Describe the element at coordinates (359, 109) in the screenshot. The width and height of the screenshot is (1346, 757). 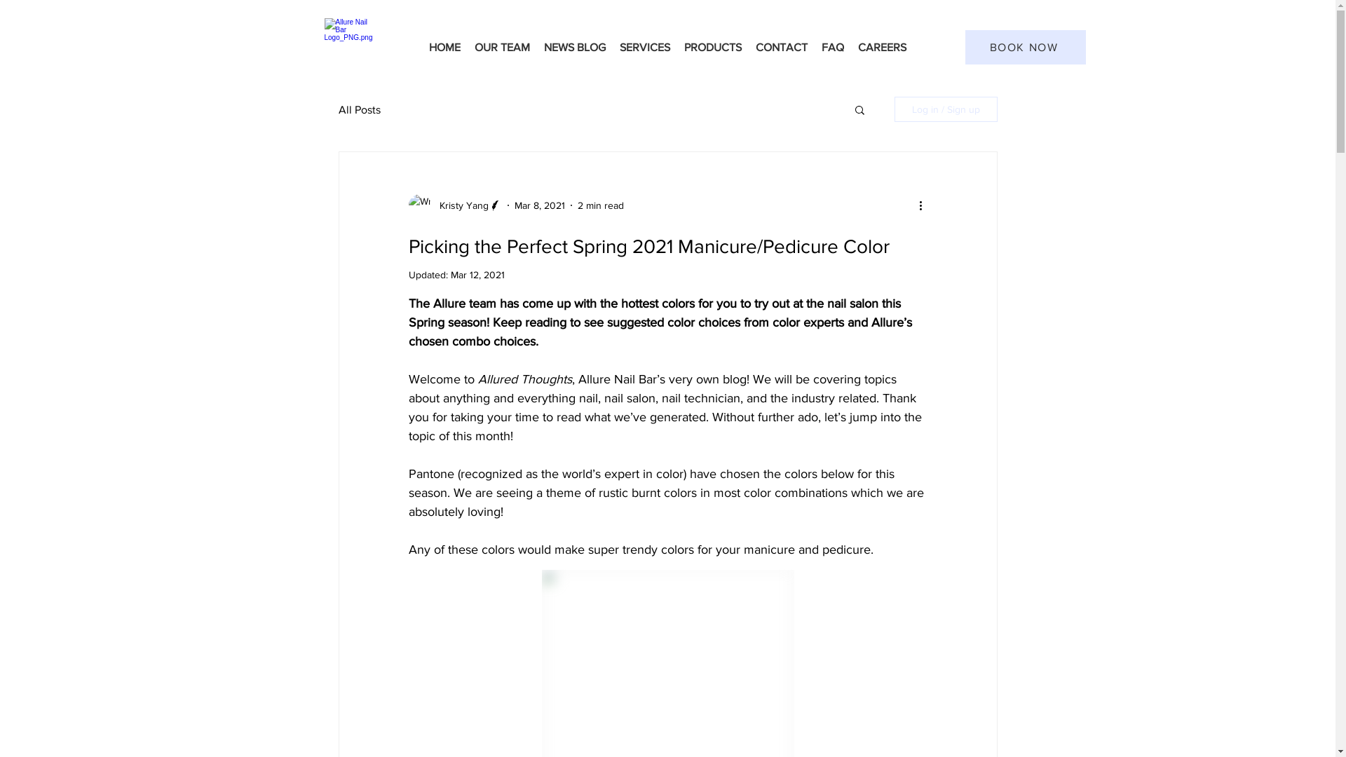
I see `'All Posts'` at that location.